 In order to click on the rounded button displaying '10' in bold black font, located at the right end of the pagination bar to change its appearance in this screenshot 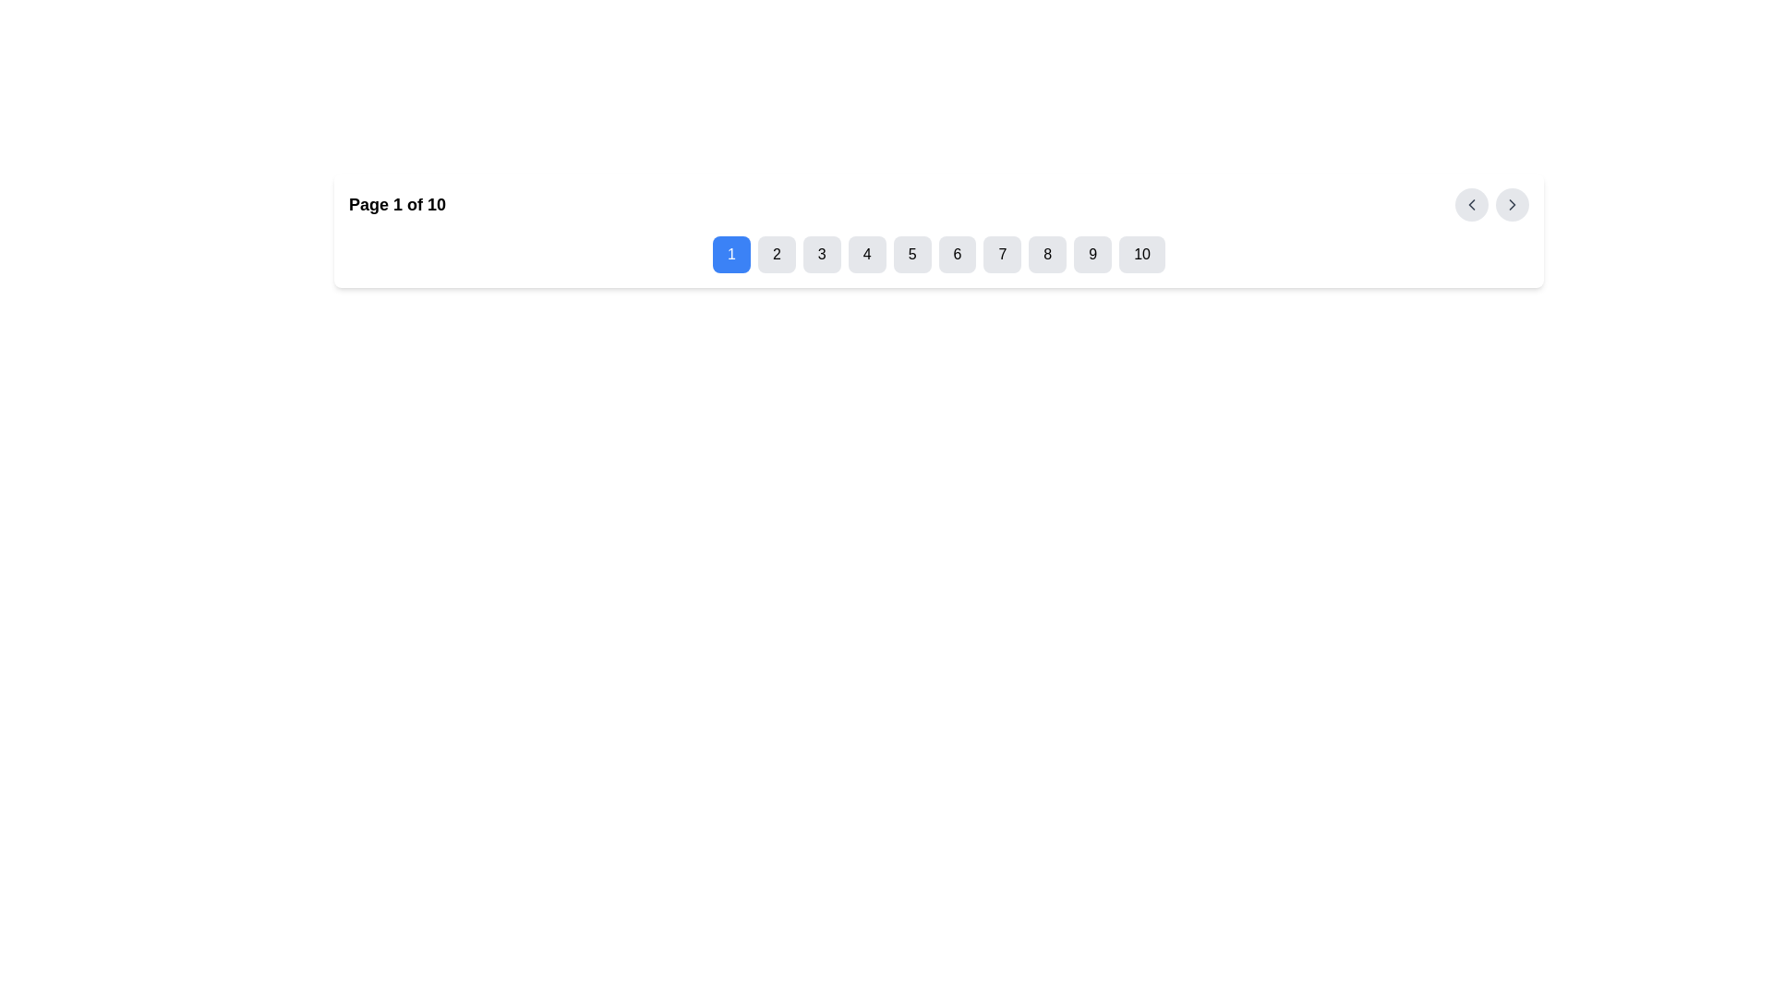, I will do `click(1141, 255)`.